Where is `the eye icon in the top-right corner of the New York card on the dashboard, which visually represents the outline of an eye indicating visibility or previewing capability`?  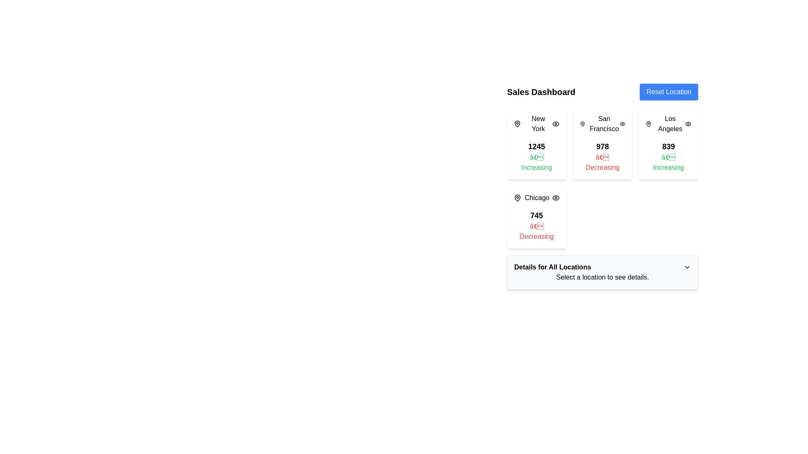
the eye icon in the top-right corner of the New York card on the dashboard, which visually represents the outline of an eye indicating visibility or previewing capability is located at coordinates (555, 124).